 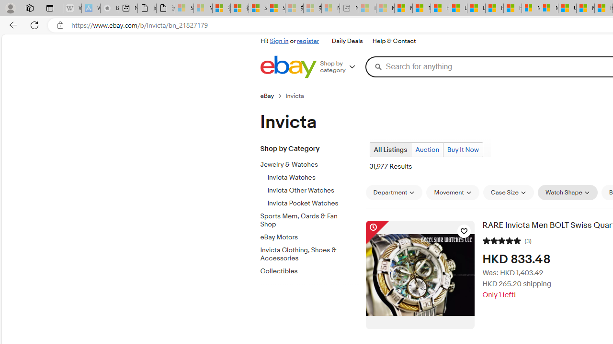 What do you see at coordinates (279, 41) in the screenshot?
I see `'Sign in'` at bounding box center [279, 41].